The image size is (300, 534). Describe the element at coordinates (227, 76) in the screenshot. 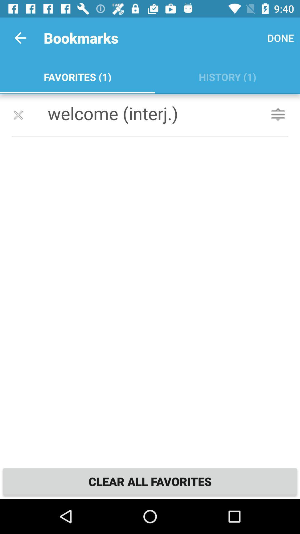

I see `app to the right of the favorites (1)` at that location.